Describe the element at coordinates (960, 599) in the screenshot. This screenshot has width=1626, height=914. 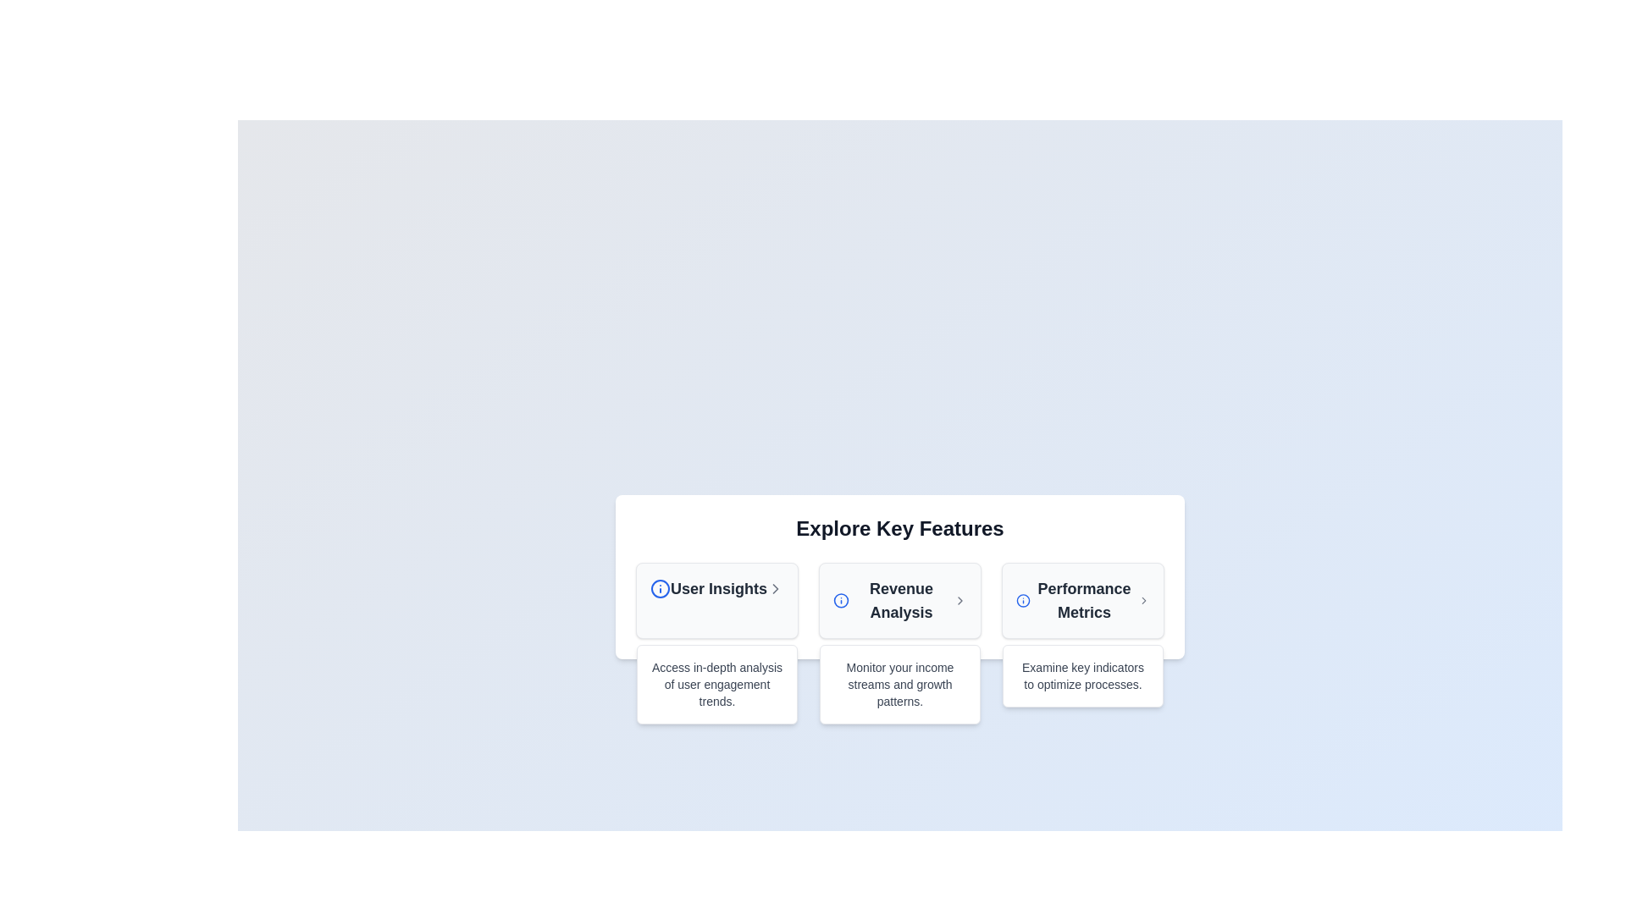
I see `the navigation icon located to the right of the 'Revenue Analysis' text within the feature card` at that location.